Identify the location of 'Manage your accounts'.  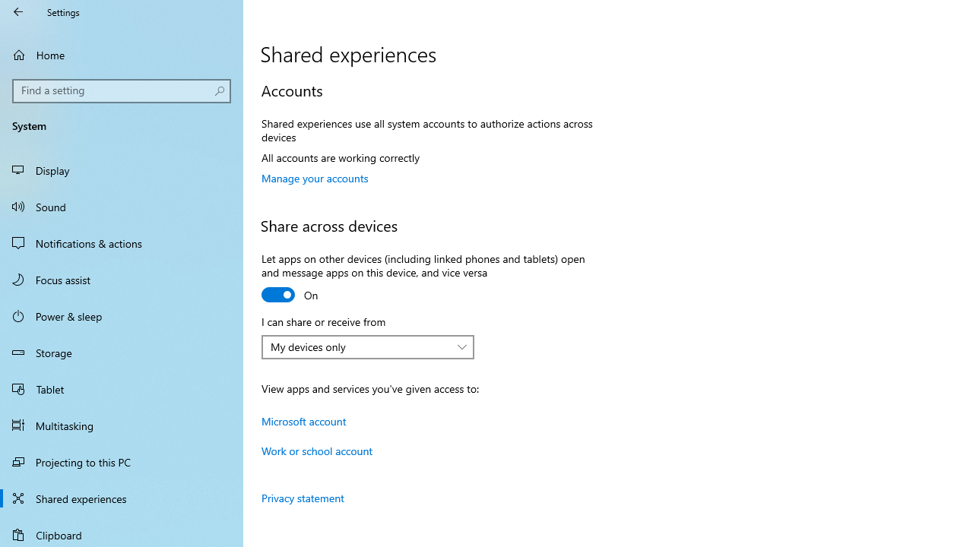
(314, 177).